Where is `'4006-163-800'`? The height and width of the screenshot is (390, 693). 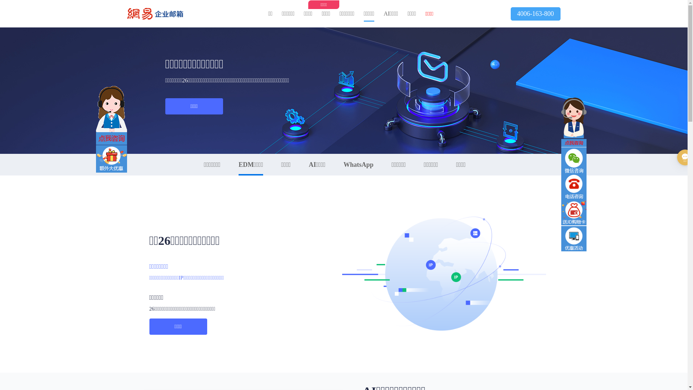
'4006-163-800' is located at coordinates (535, 14).